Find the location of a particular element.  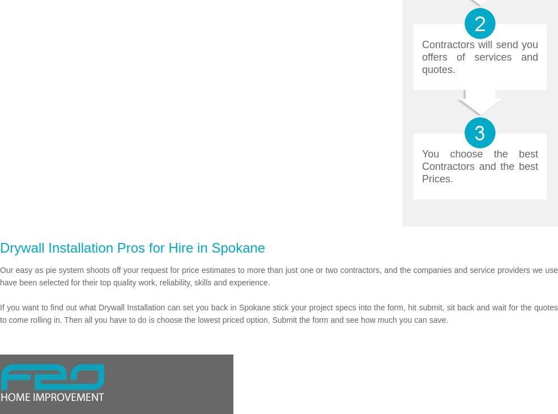

'Contractors will send you offers of services and quotes.' is located at coordinates (479, 57).